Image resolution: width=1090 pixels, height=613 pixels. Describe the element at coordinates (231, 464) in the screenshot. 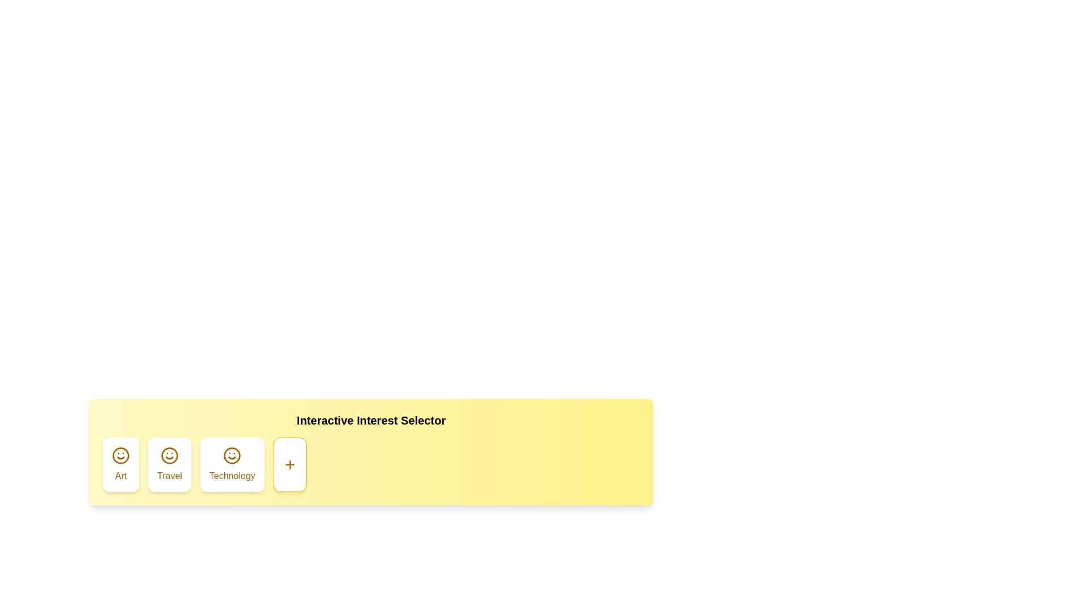

I see `the chip labeled Technology to observe its visual changes` at that location.